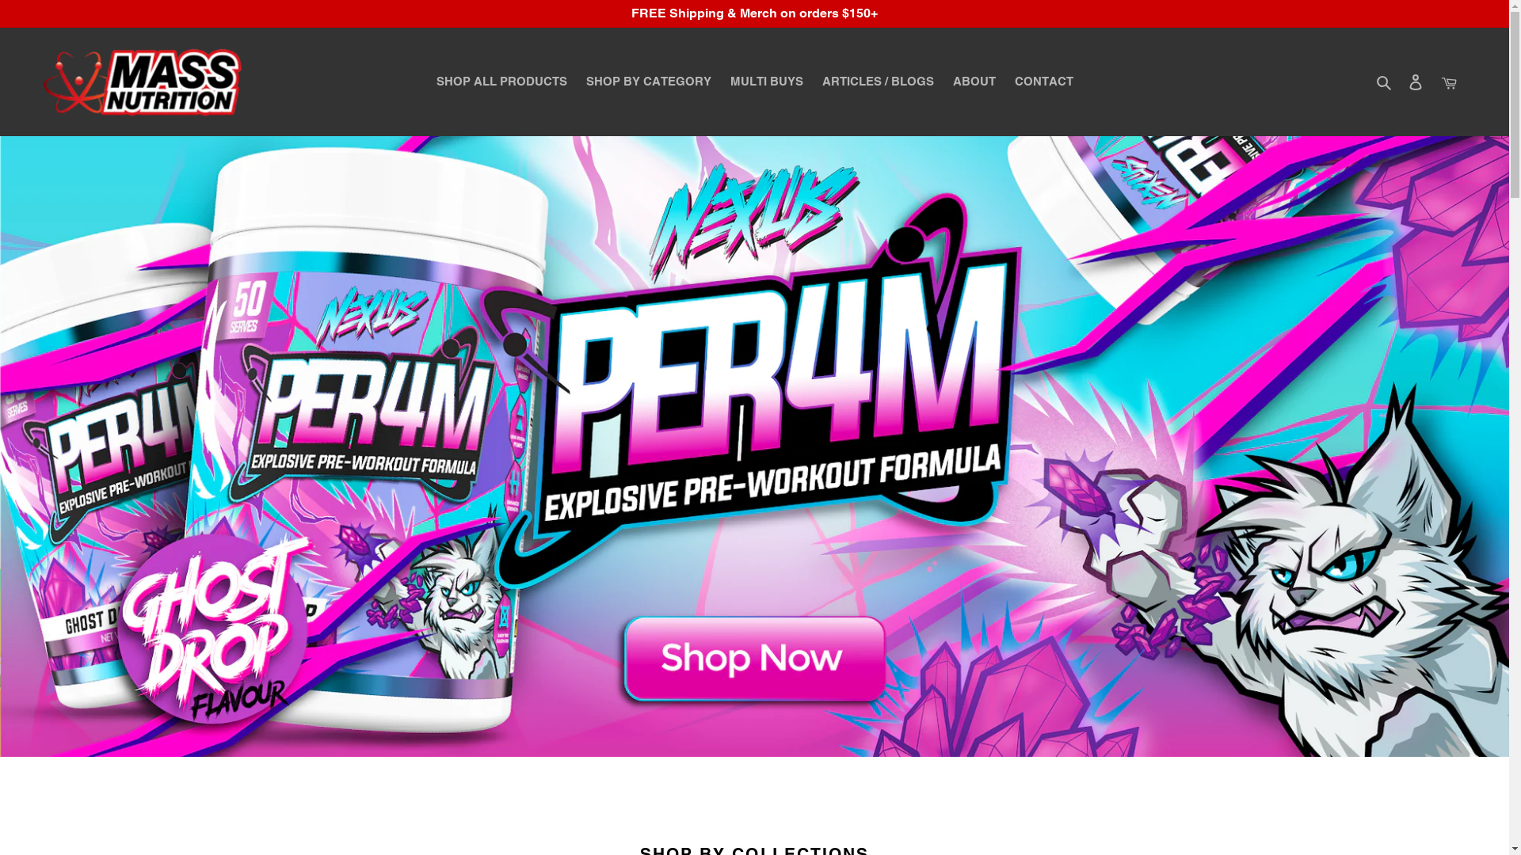 This screenshot has width=1521, height=855. What do you see at coordinates (1415, 82) in the screenshot?
I see `'Log in'` at bounding box center [1415, 82].